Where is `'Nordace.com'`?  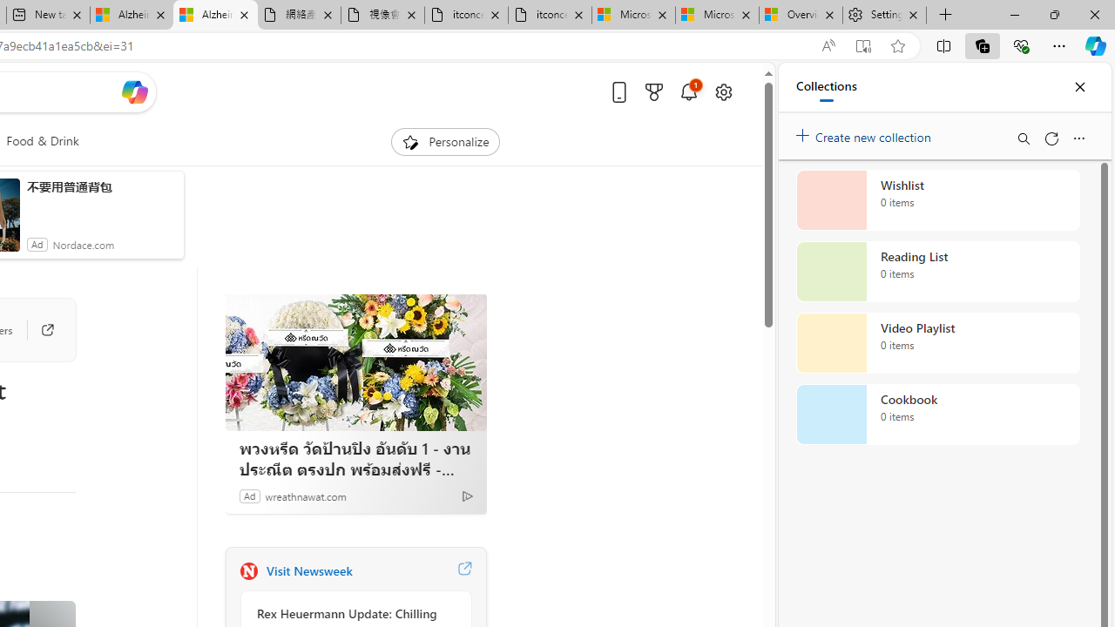 'Nordace.com' is located at coordinates (82, 244).